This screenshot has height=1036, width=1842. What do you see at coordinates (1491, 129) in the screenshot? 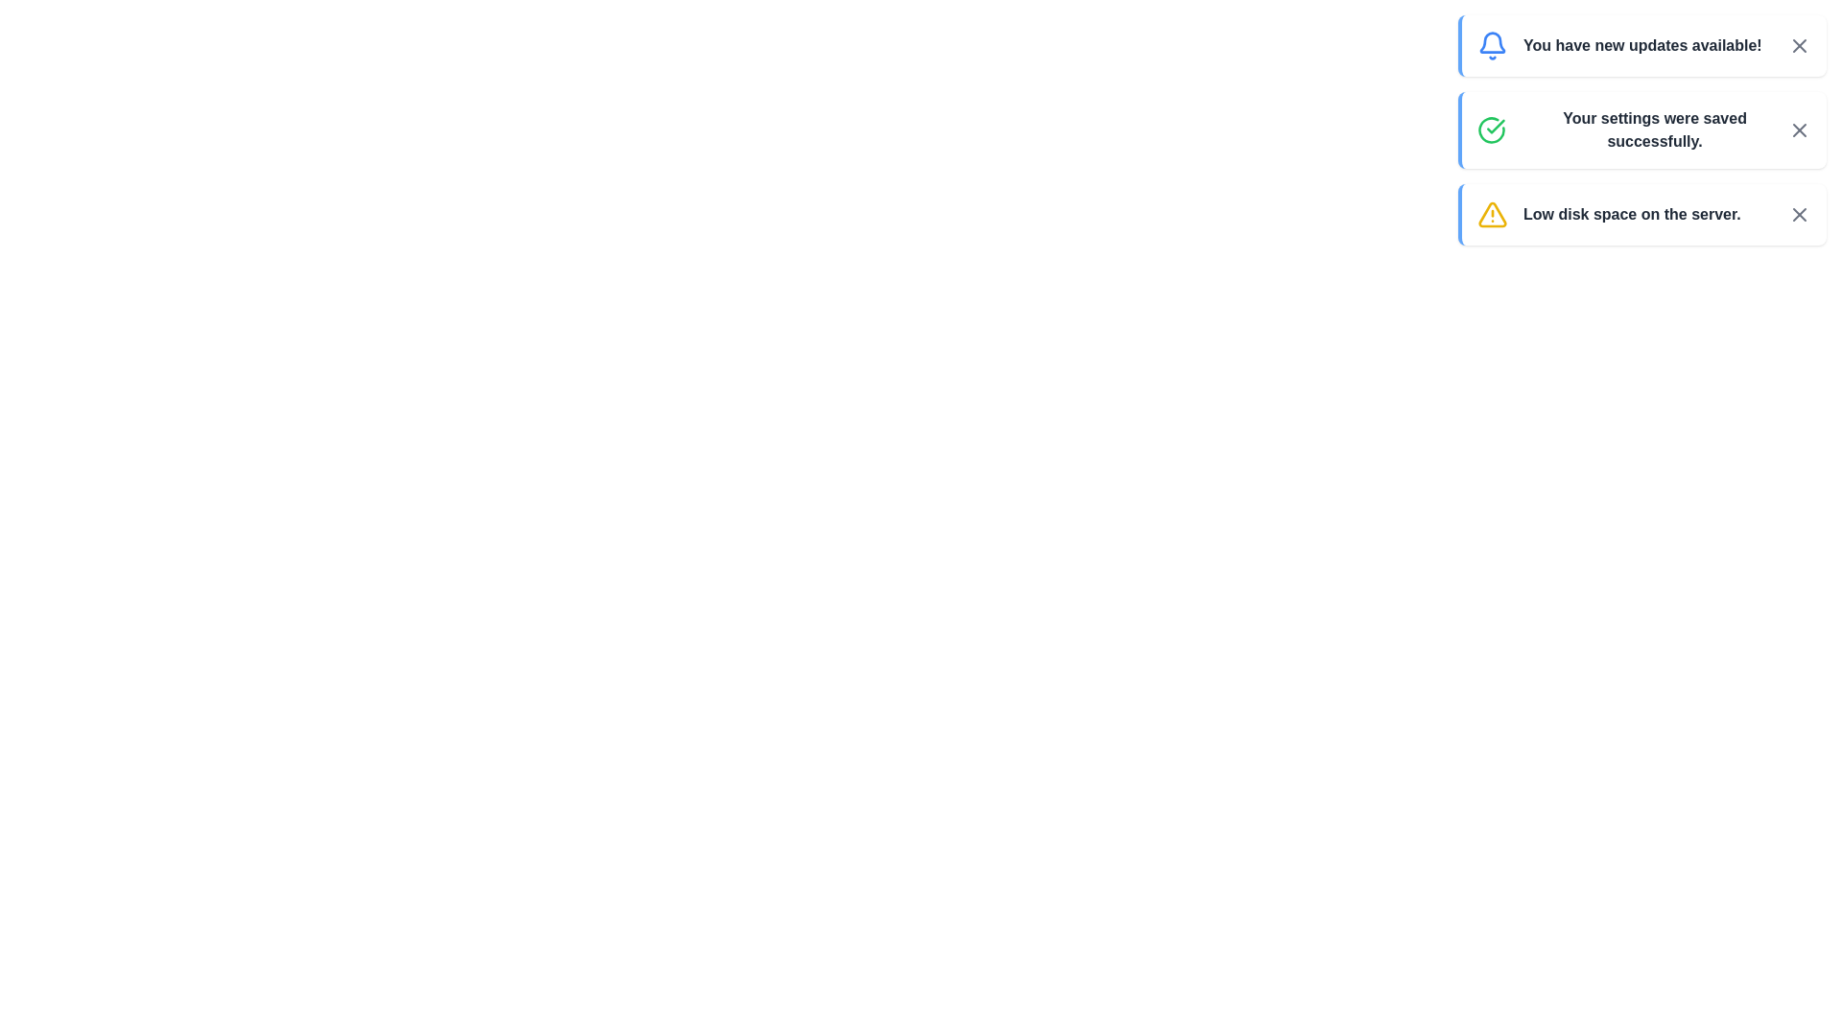
I see `the icon representing the message type: success` at bounding box center [1491, 129].